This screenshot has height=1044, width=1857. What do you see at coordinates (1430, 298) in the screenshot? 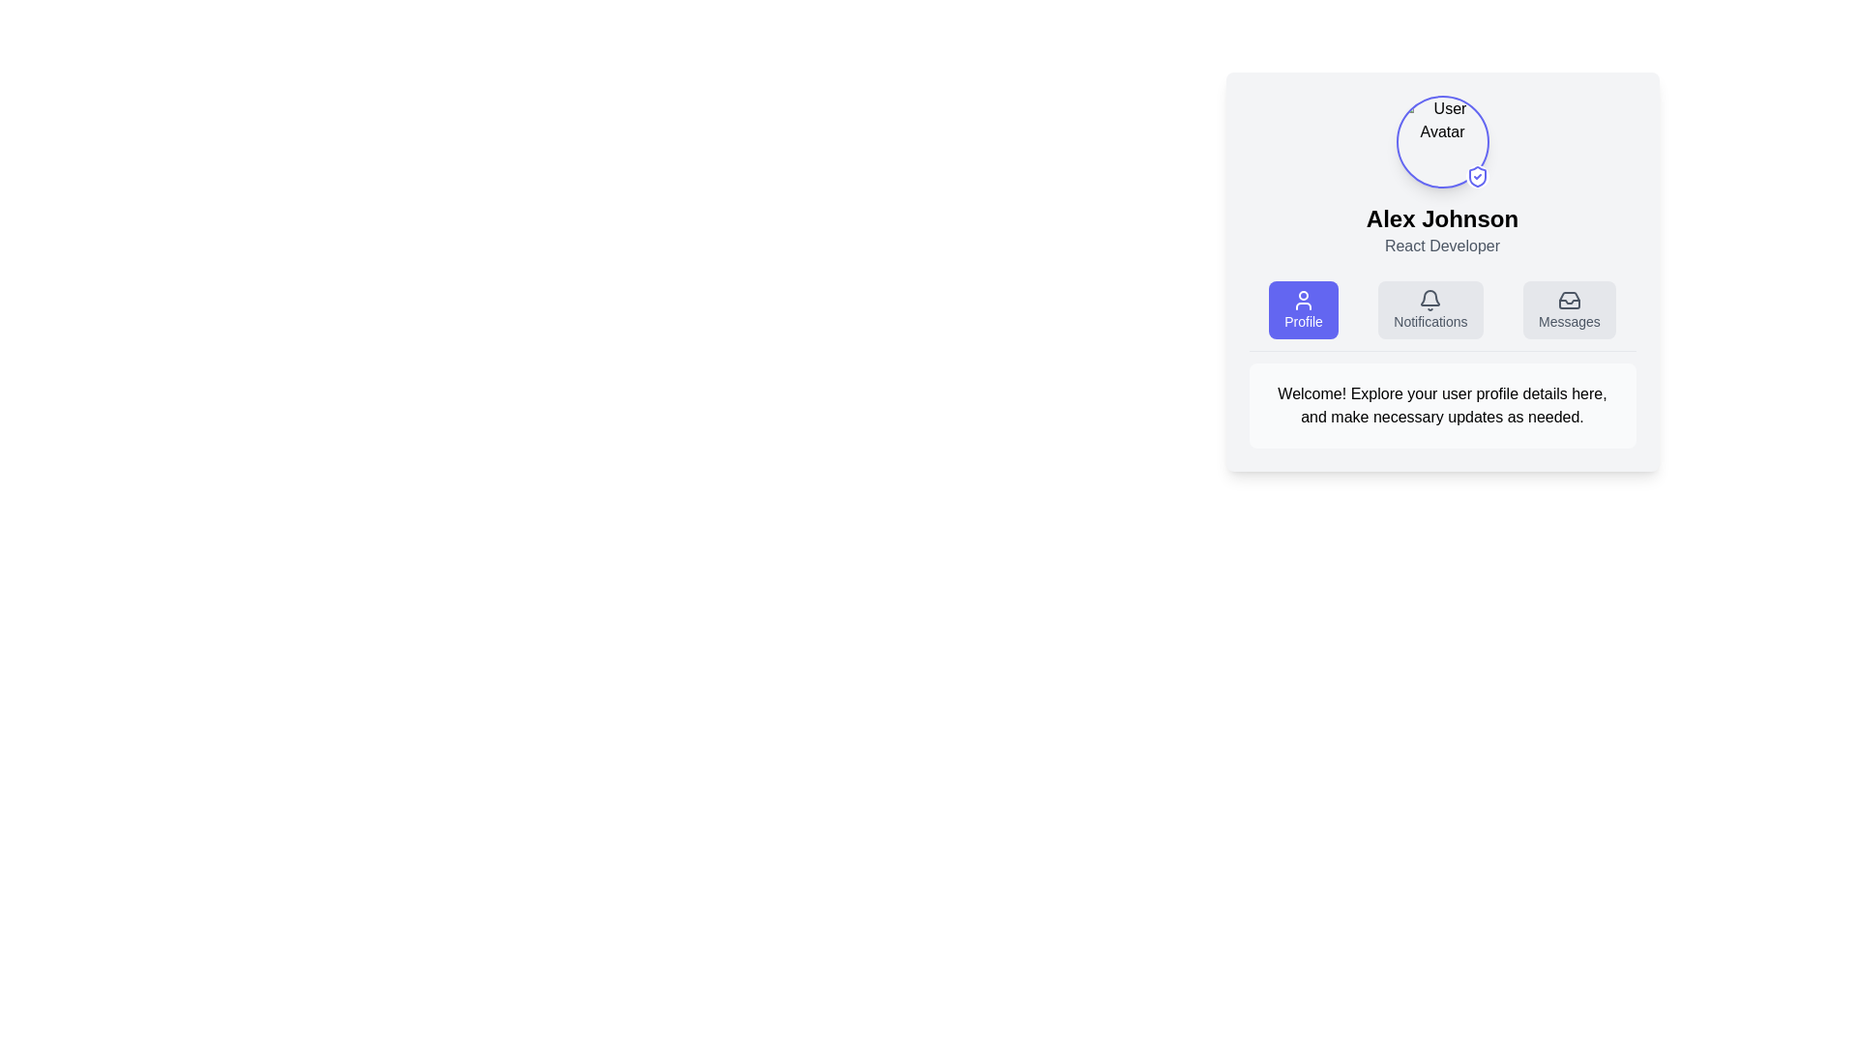
I see `the notification bell icon located in the center section of the header area of the user profile card, positioned between the 'Profile' and 'Messages' buttons` at bounding box center [1430, 298].